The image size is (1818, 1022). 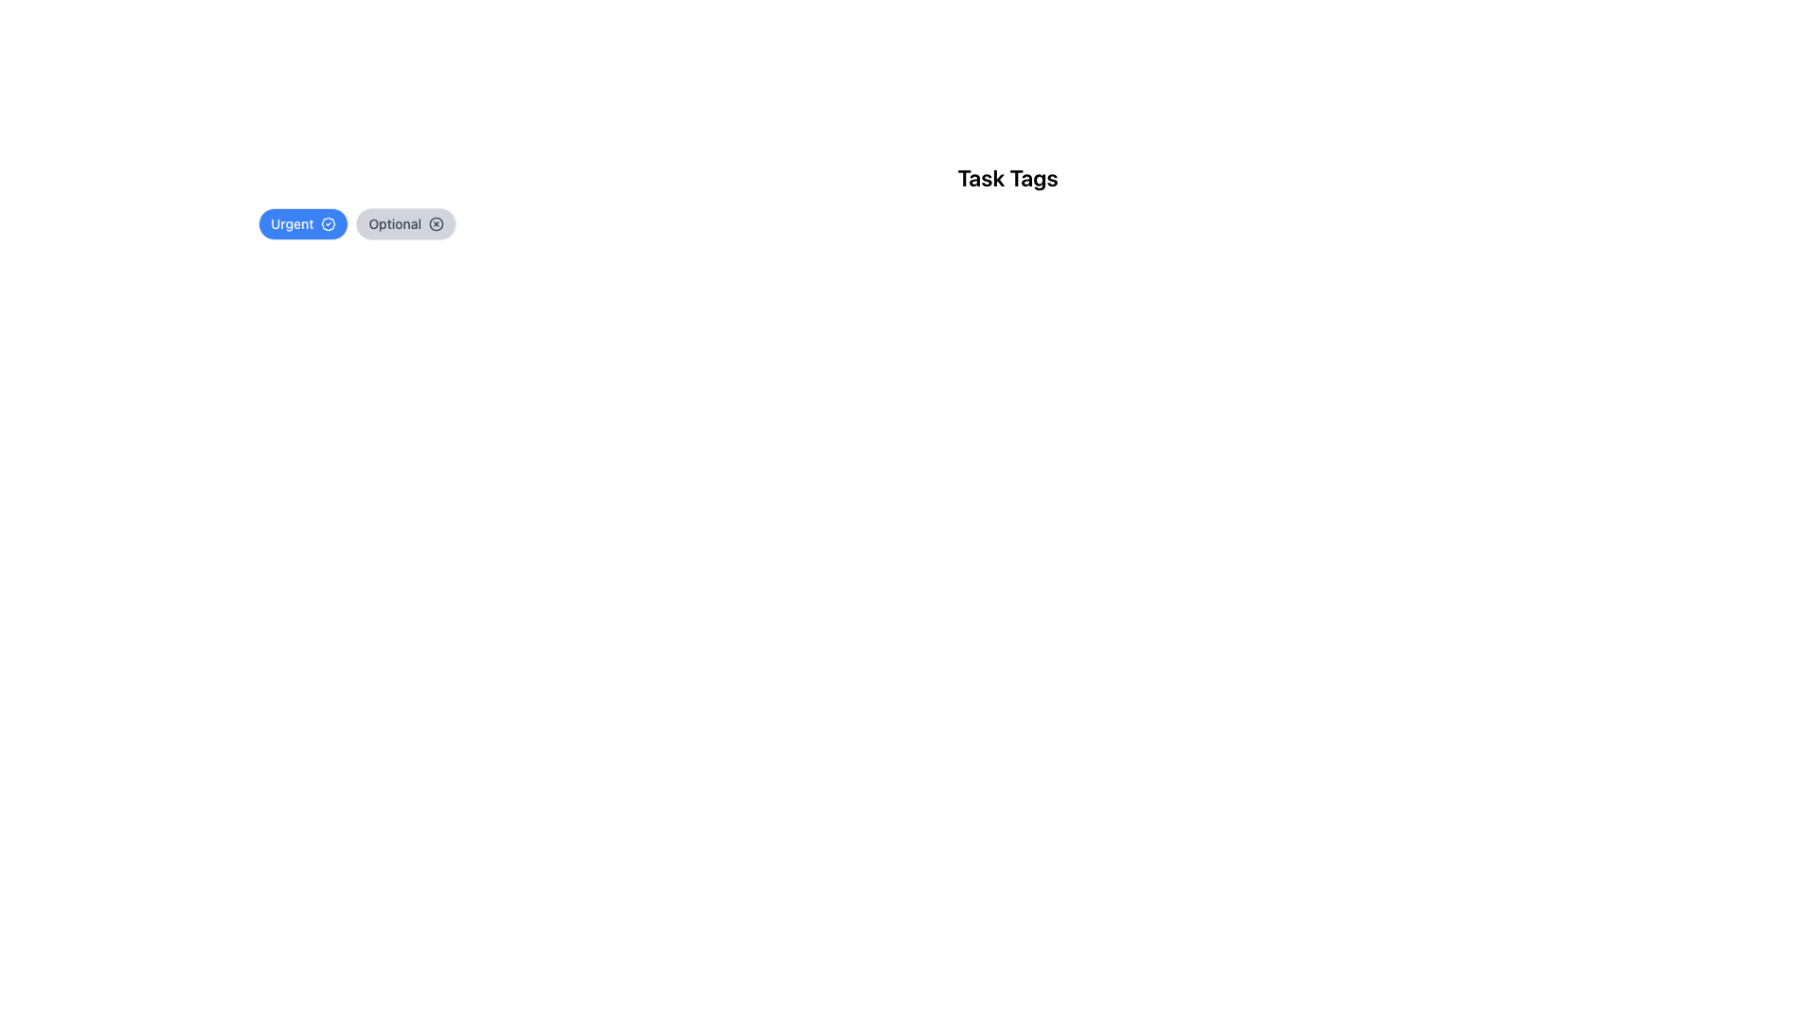 I want to click on the small badge icon with a checkmark inside, located to the right edge of the 'Urgent' label, so click(x=328, y=222).